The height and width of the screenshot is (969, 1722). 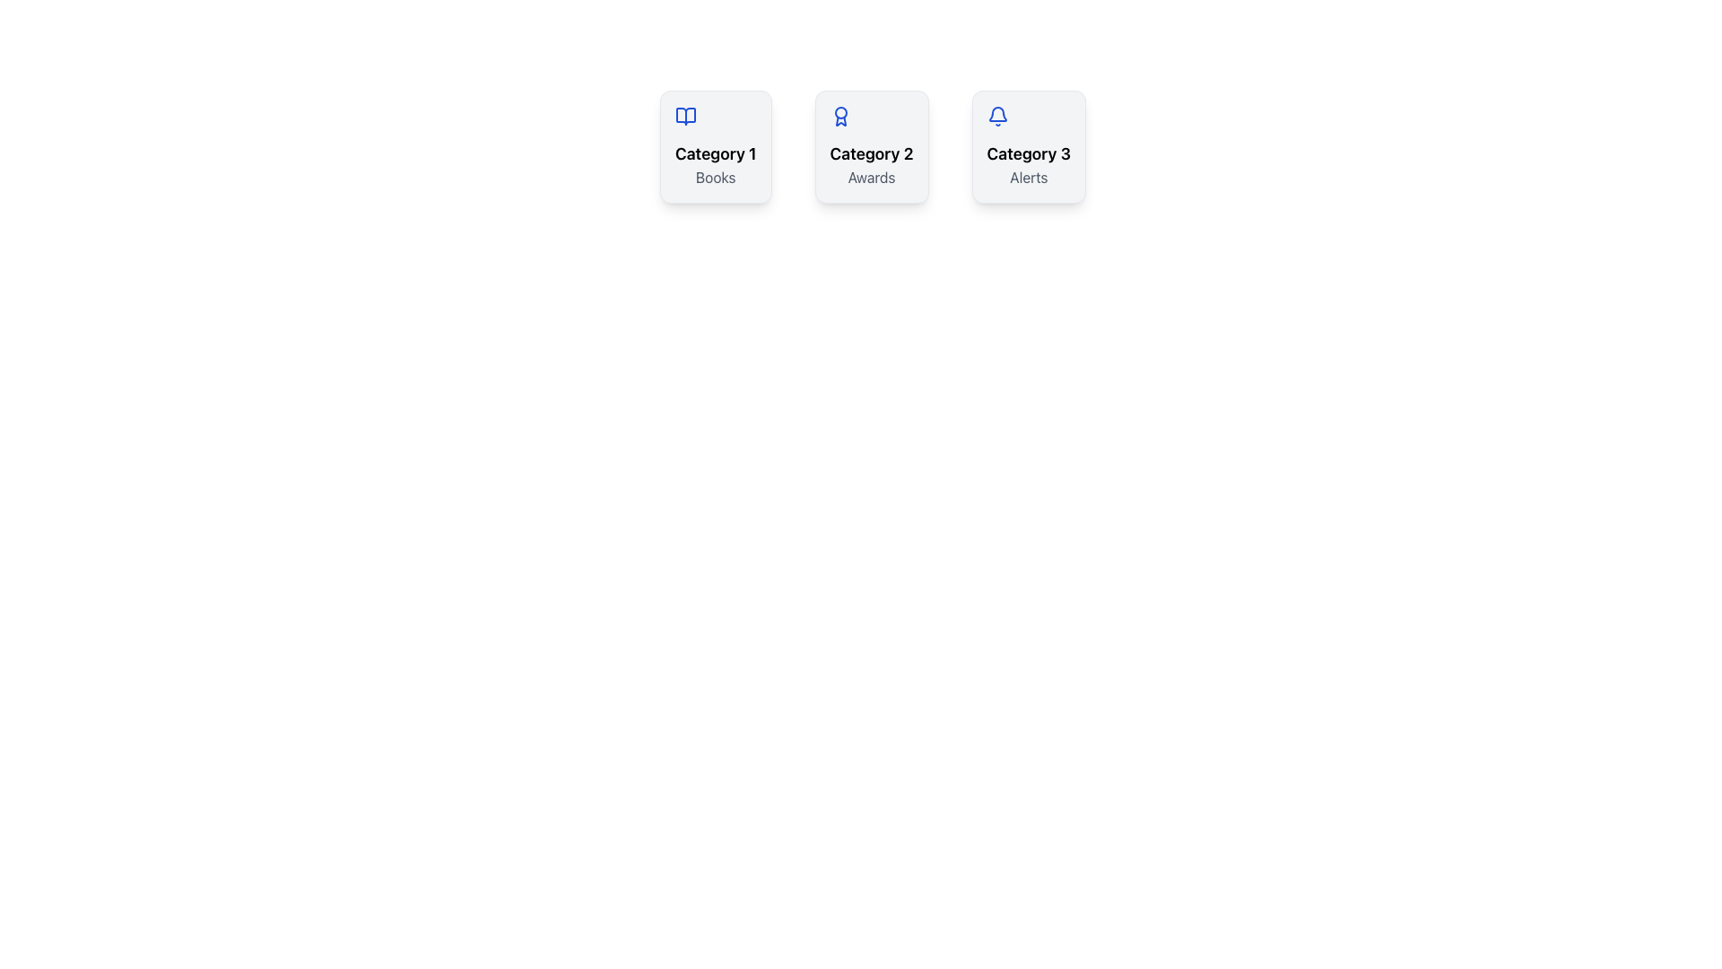 I want to click on the SVG icon representing 'Category 1 Books', which is the first item in the row of category icons, so click(x=684, y=117).